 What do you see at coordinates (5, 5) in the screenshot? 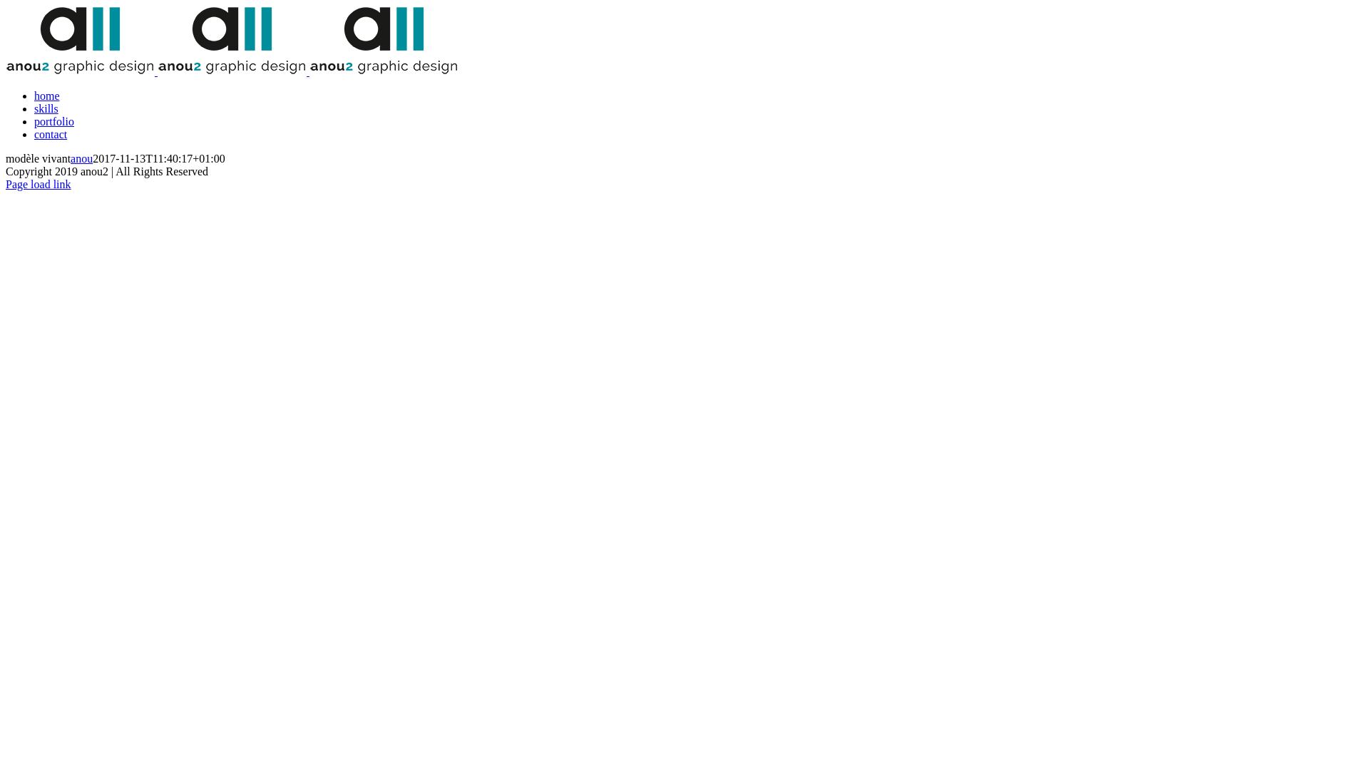
I see `'Passer au contenu'` at bounding box center [5, 5].